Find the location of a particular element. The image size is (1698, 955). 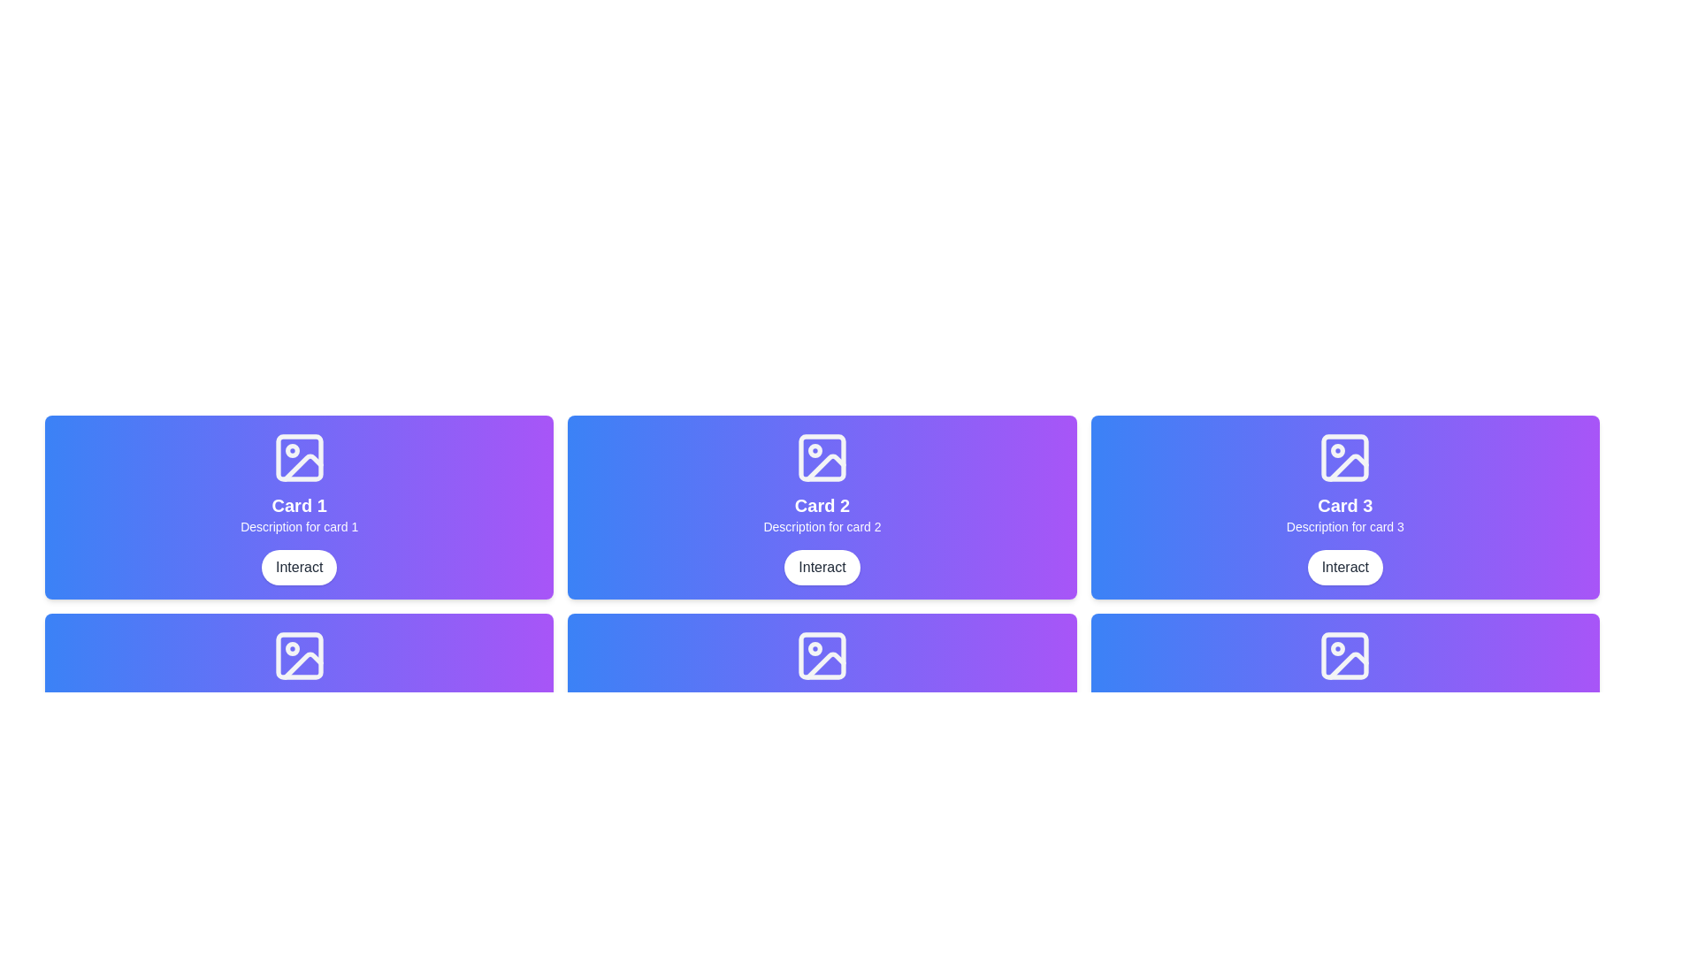

the minimalist image placeholder icon with a gray square outline and triangular shape located at the top center of 'Card 1' is located at coordinates (299, 456).